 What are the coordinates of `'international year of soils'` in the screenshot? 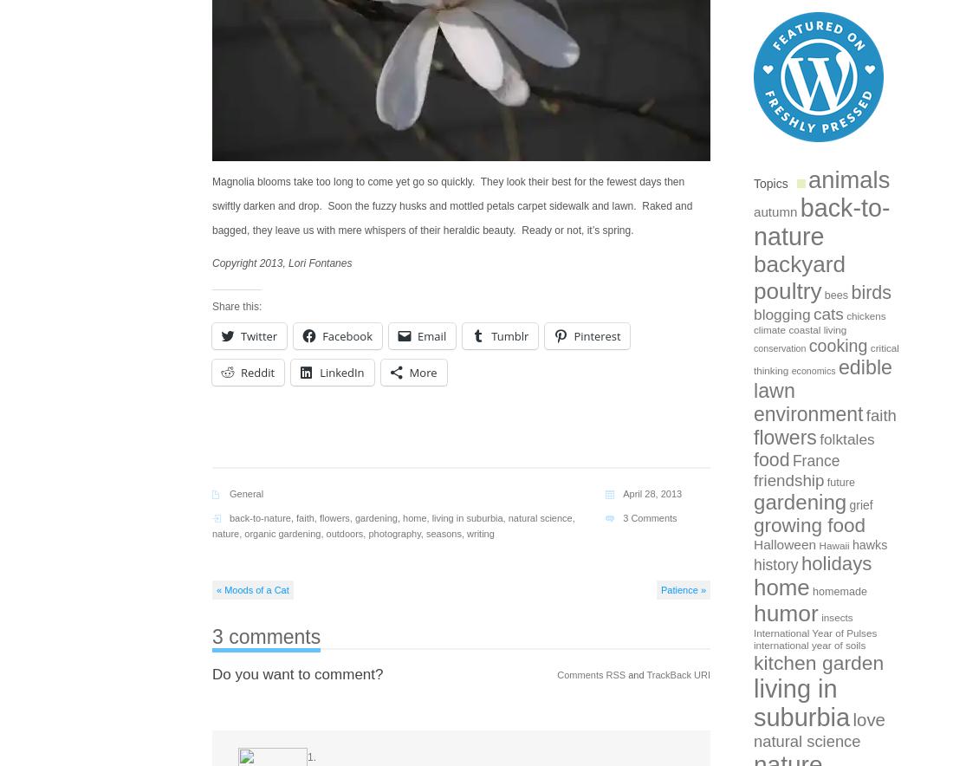 It's located at (752, 645).